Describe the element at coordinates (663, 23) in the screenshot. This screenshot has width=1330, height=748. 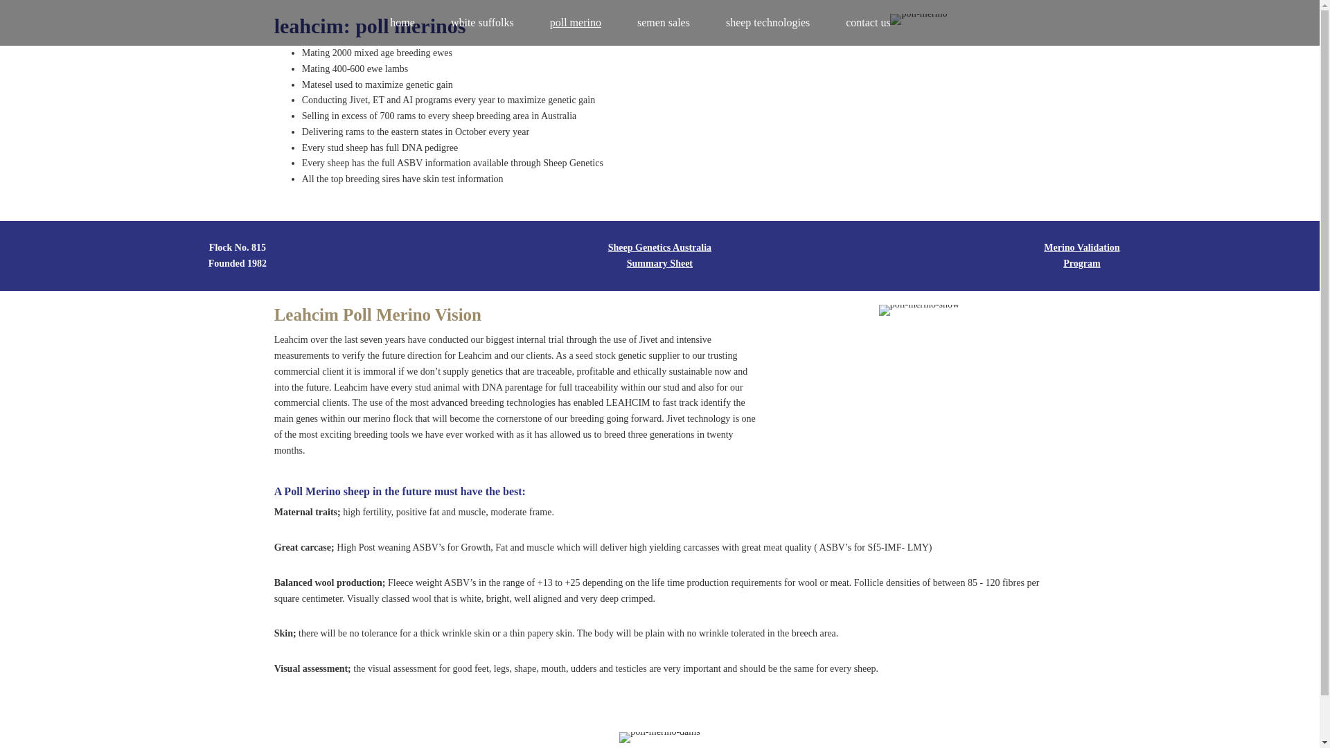
I see `'semen sales'` at that location.